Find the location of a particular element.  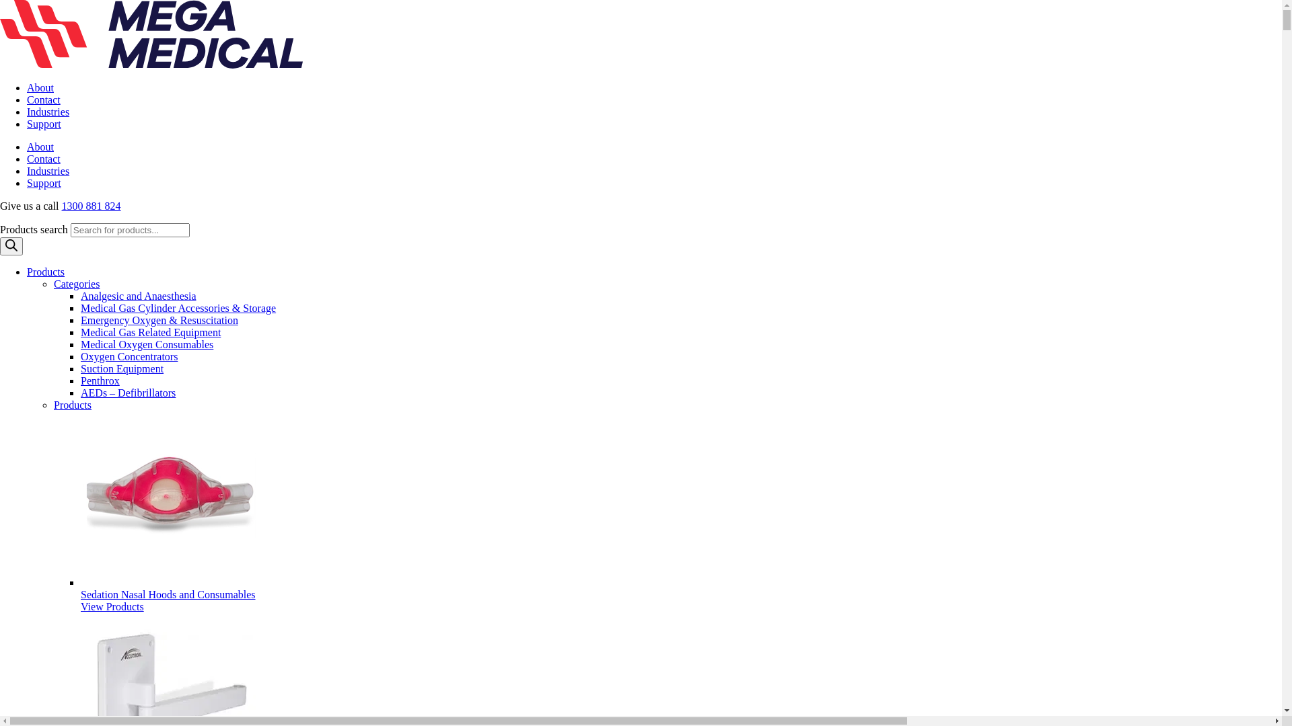

'mega medical logo' is located at coordinates (151, 33).